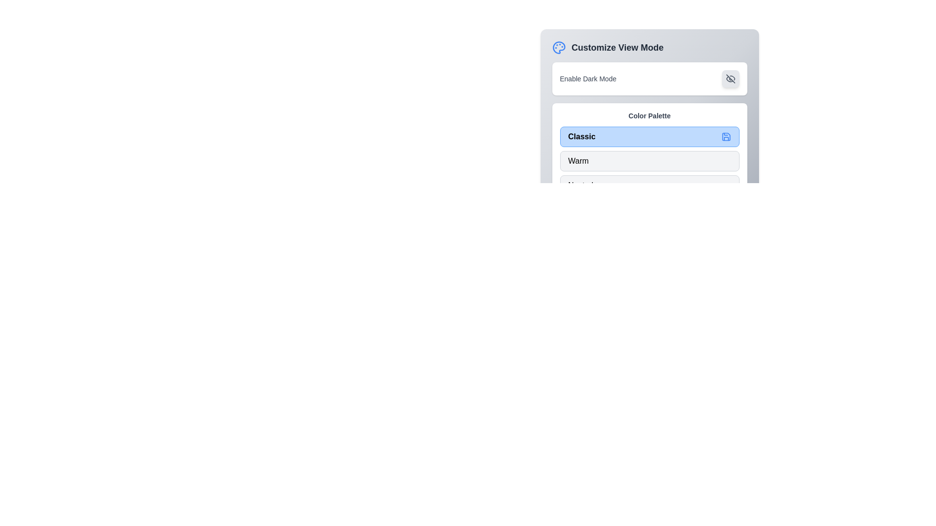  What do you see at coordinates (559, 47) in the screenshot?
I see `the blue artist's palette icon located to the left of the text 'Customize View Mode' at the top of the interface` at bounding box center [559, 47].